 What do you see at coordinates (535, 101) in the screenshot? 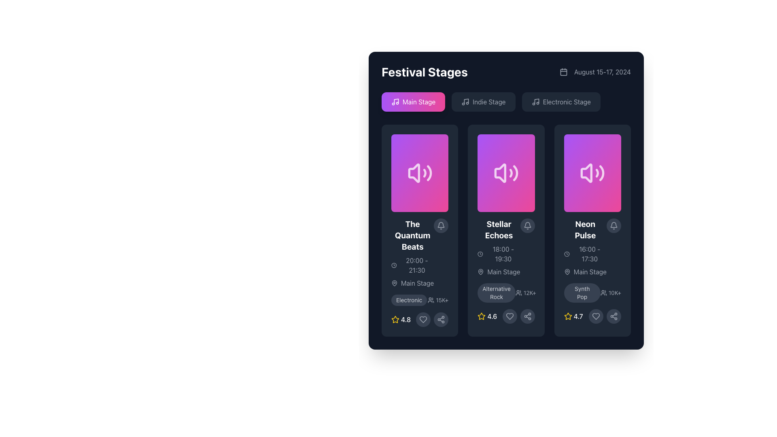
I see `the musical note icon, which is styled with a thin line illustration and is located within the dark rectangular button labeled 'Electronic Stage' in the third position from the left under 'Festival Stages'` at bounding box center [535, 101].